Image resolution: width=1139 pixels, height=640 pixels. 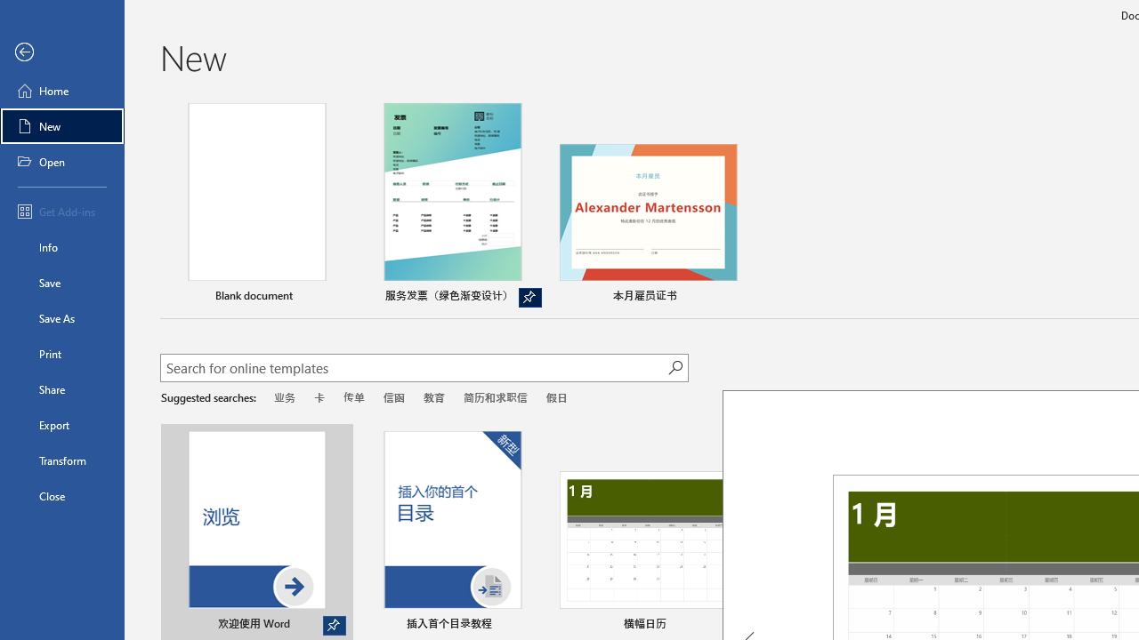 What do you see at coordinates (61, 460) in the screenshot?
I see `'Transform'` at bounding box center [61, 460].